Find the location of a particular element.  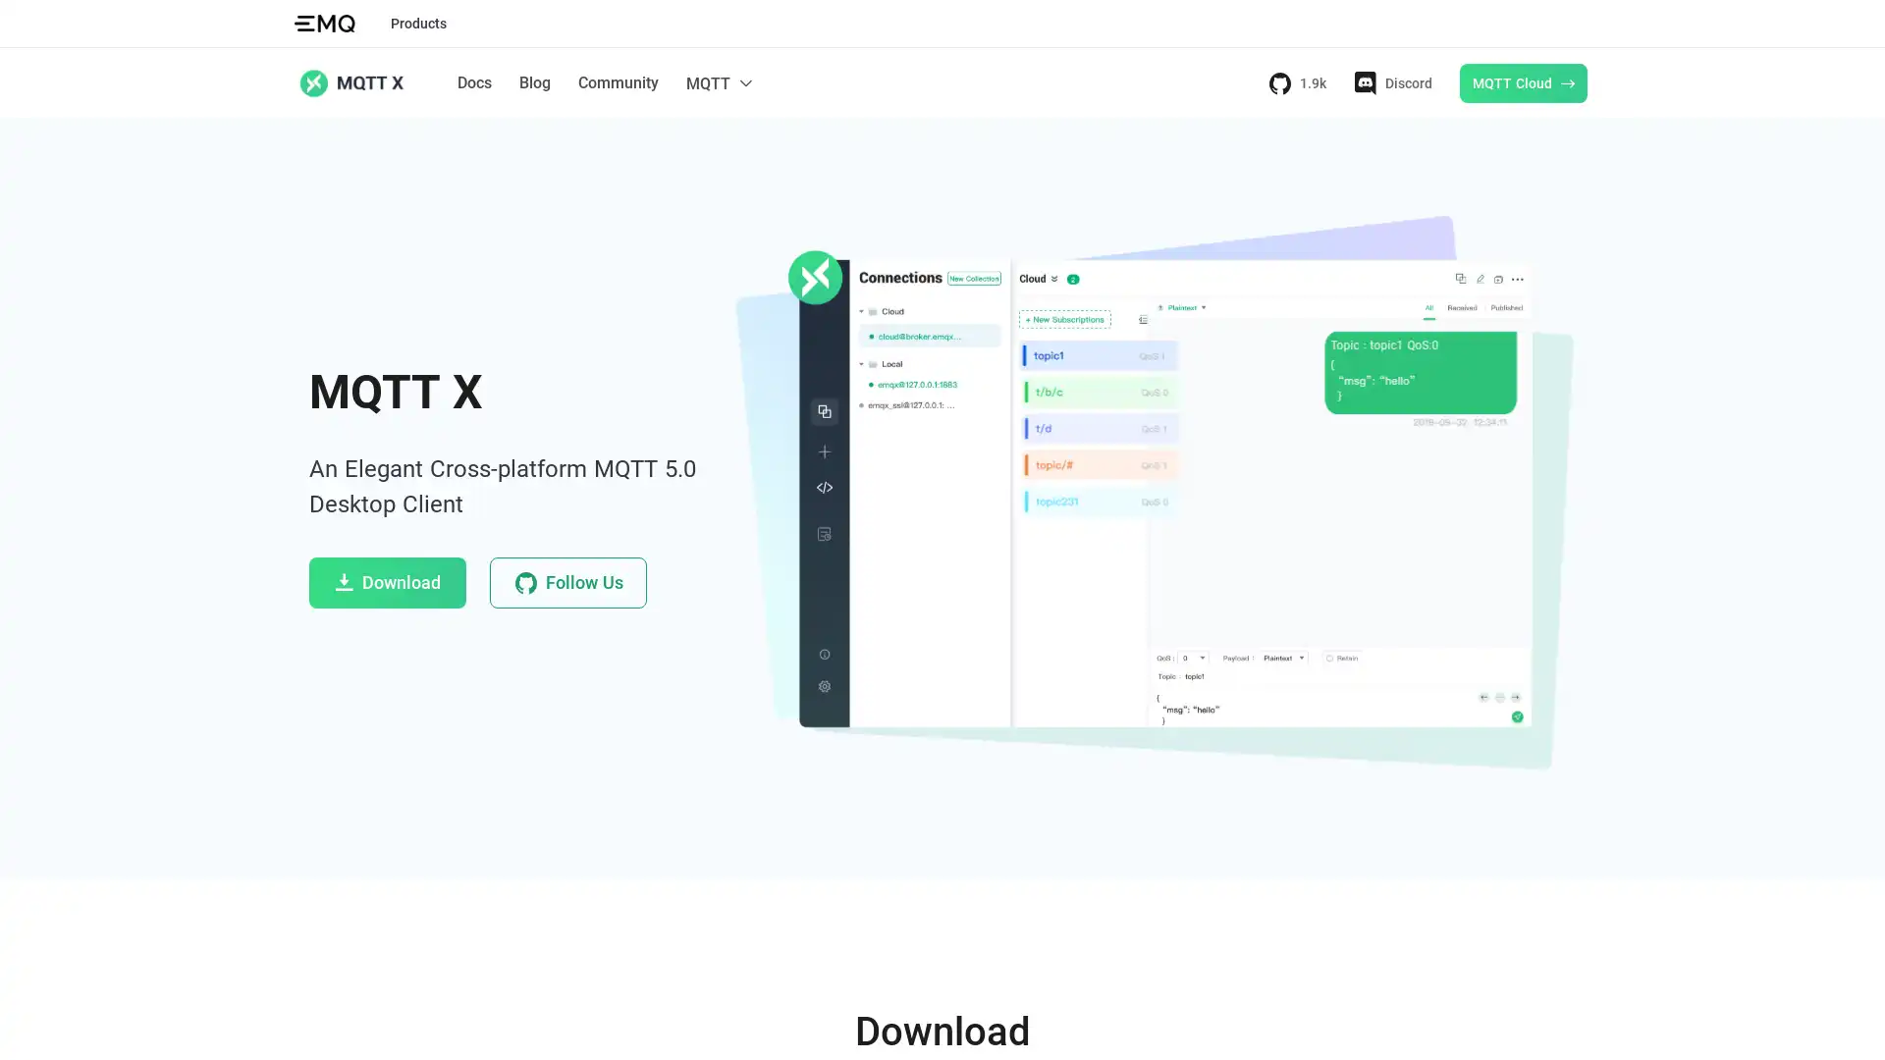

MQTT is located at coordinates (942, 311).